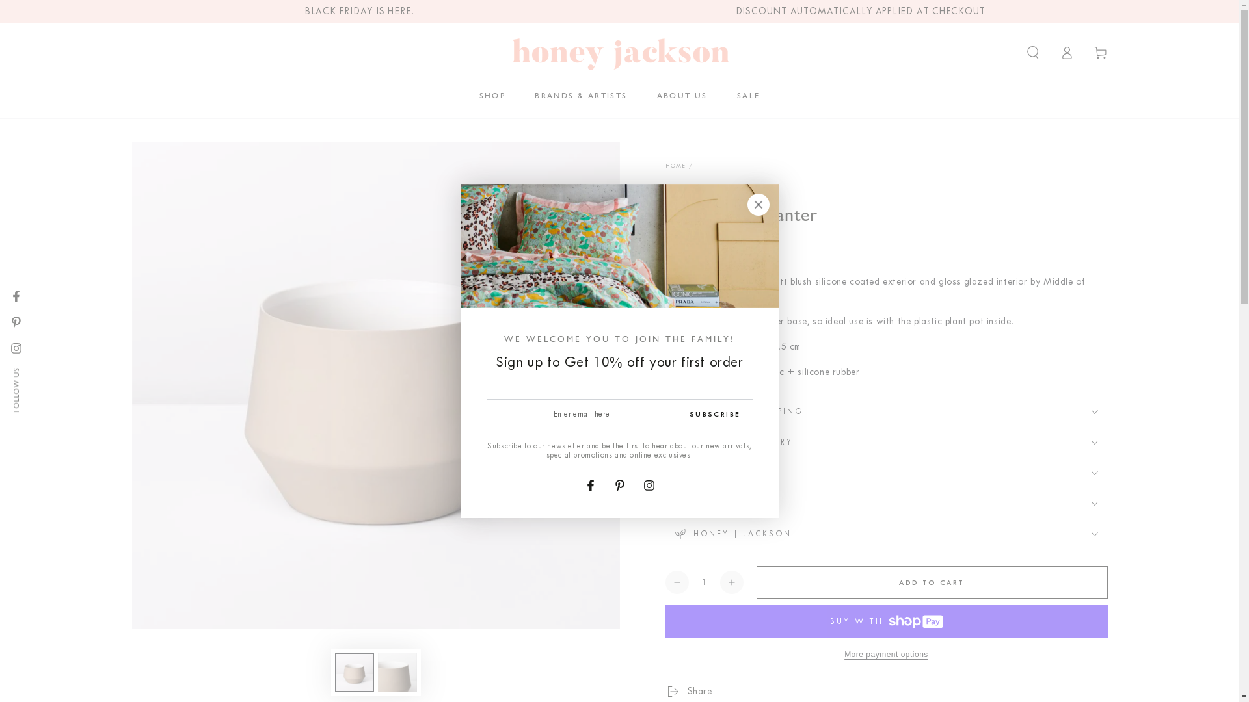 Image resolution: width=1249 pixels, height=702 pixels. What do you see at coordinates (675, 164) in the screenshot?
I see `'HOME'` at bounding box center [675, 164].